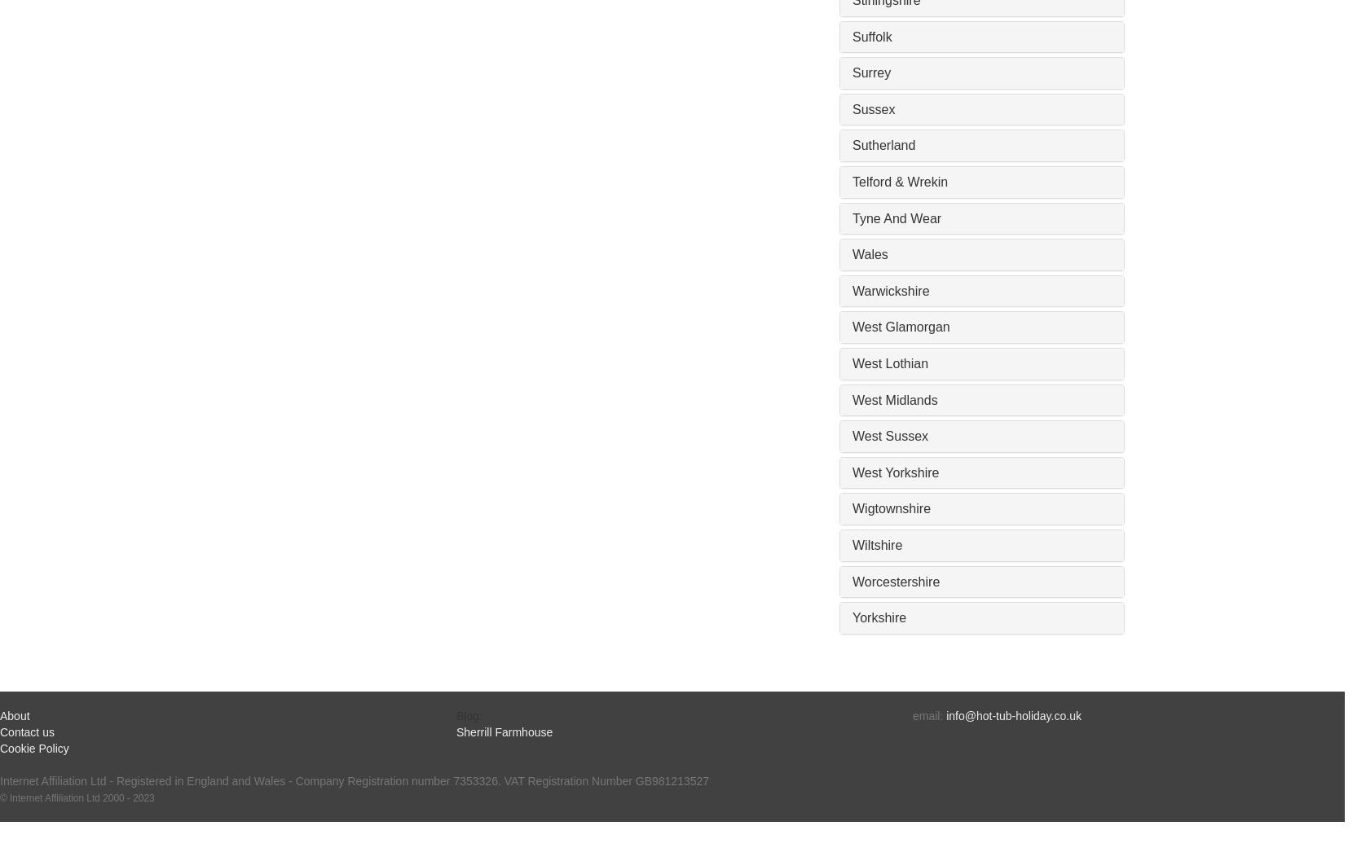 The height and width of the screenshot is (861, 1357). Describe the element at coordinates (33, 748) in the screenshot. I see `'Cookie Policy'` at that location.